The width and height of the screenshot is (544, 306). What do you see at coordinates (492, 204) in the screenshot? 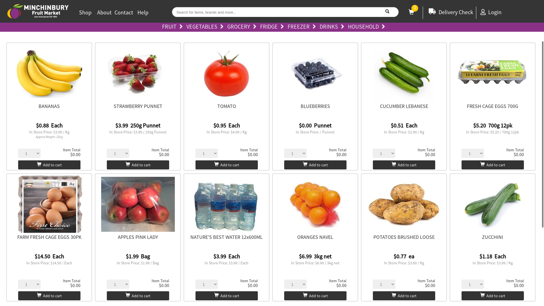
I see `'Show details for ZUCCHINI'` at bounding box center [492, 204].